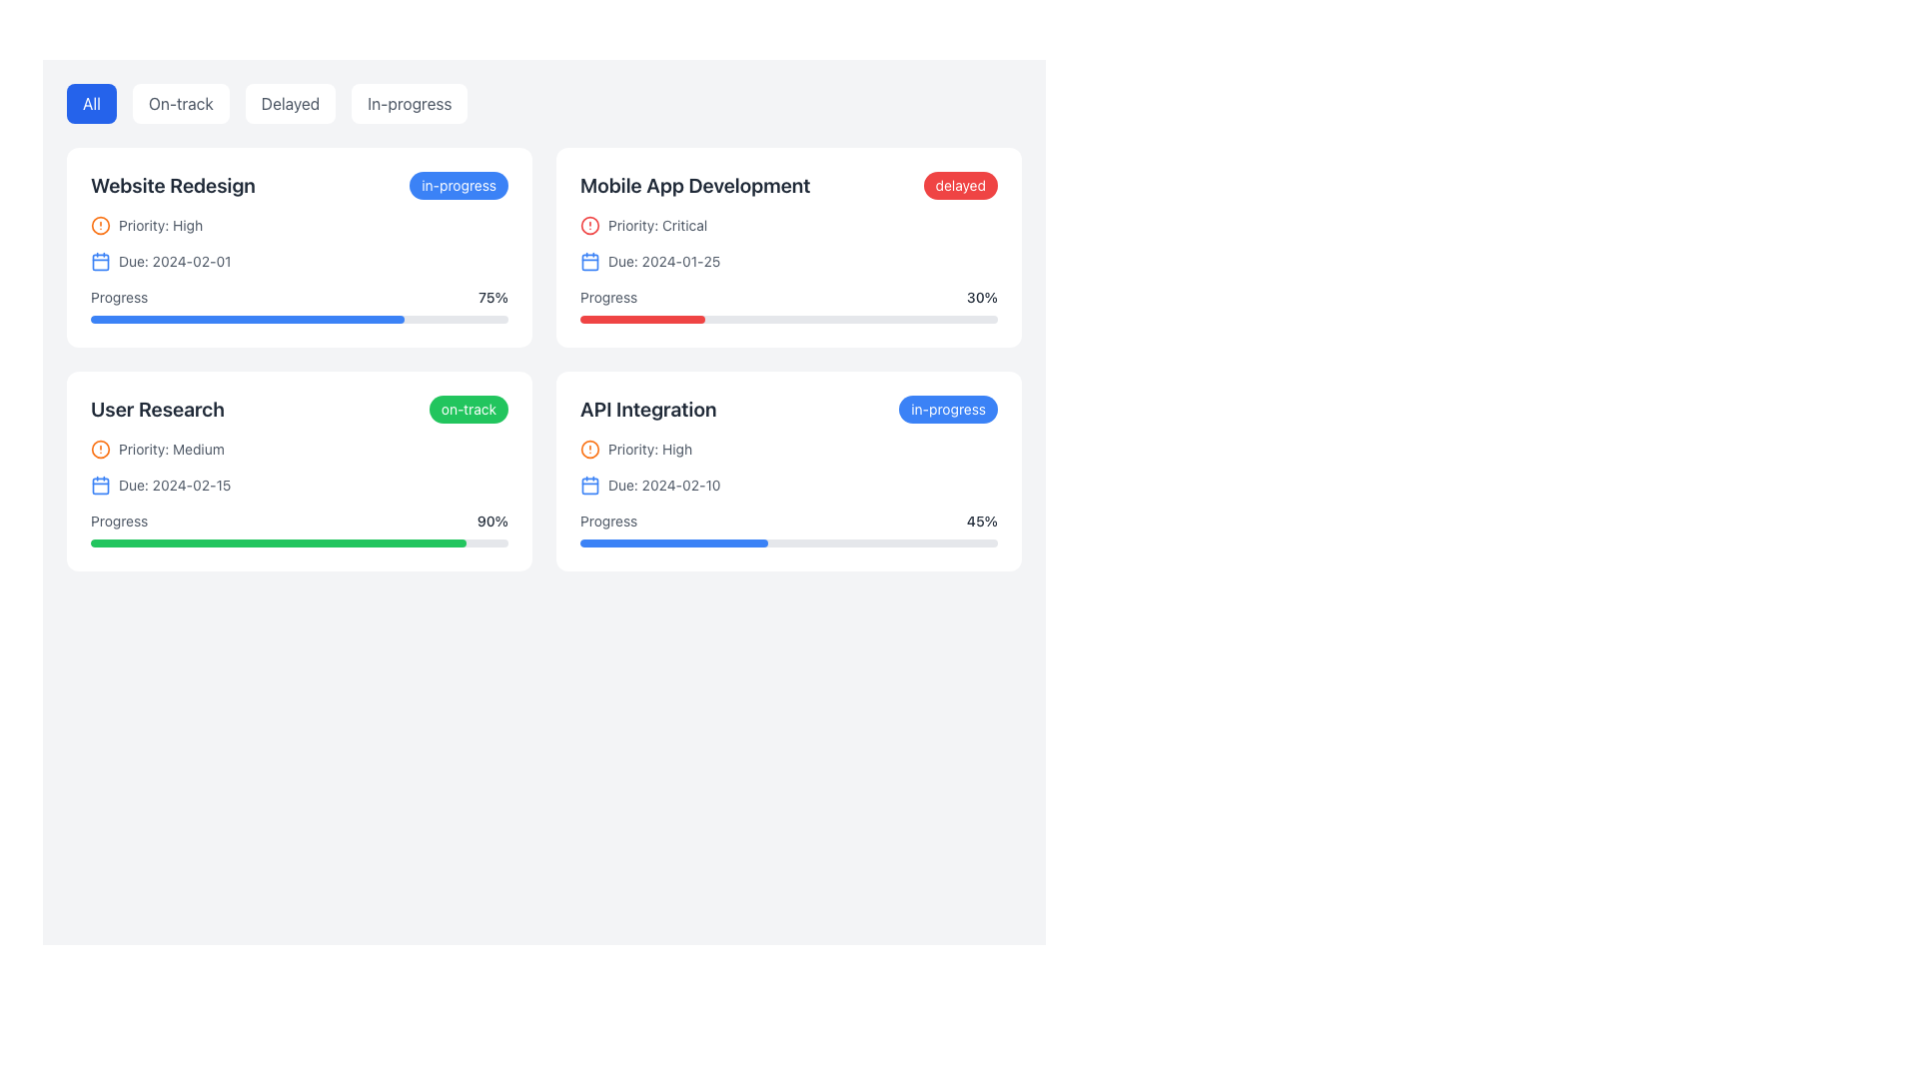 This screenshot has height=1079, width=1918. I want to click on the circular boundary of the warning icon located in the card labeled 'API Integration' in the bottom-right corner of the interface, so click(588, 450).